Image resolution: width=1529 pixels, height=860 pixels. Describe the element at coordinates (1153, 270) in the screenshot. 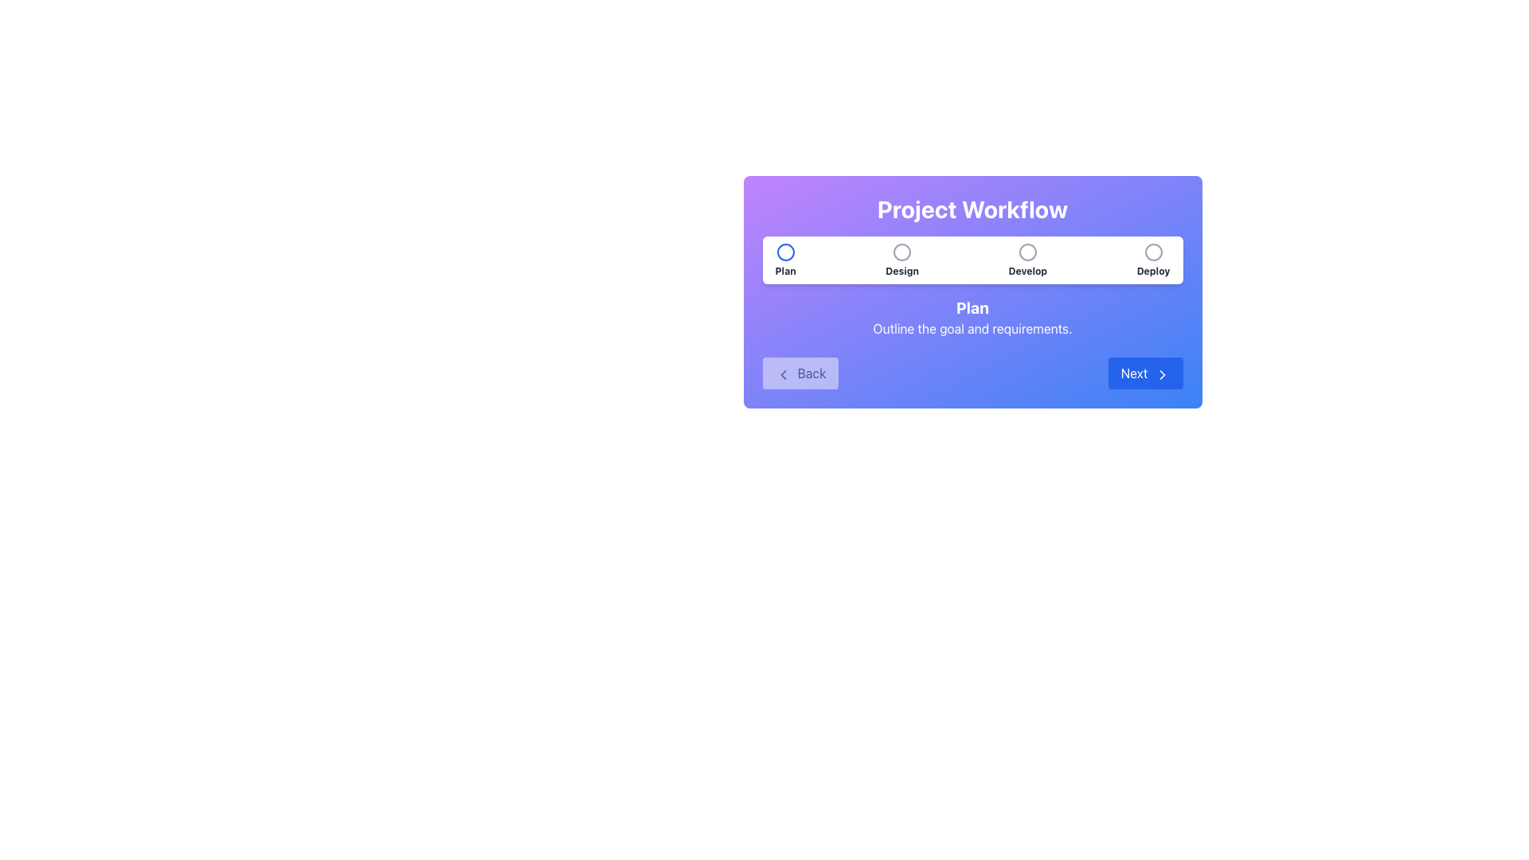

I see `the 'Deploy' text label, which serves as a title for the associated step in the workflow, located in the top-right corner of the interface` at that location.